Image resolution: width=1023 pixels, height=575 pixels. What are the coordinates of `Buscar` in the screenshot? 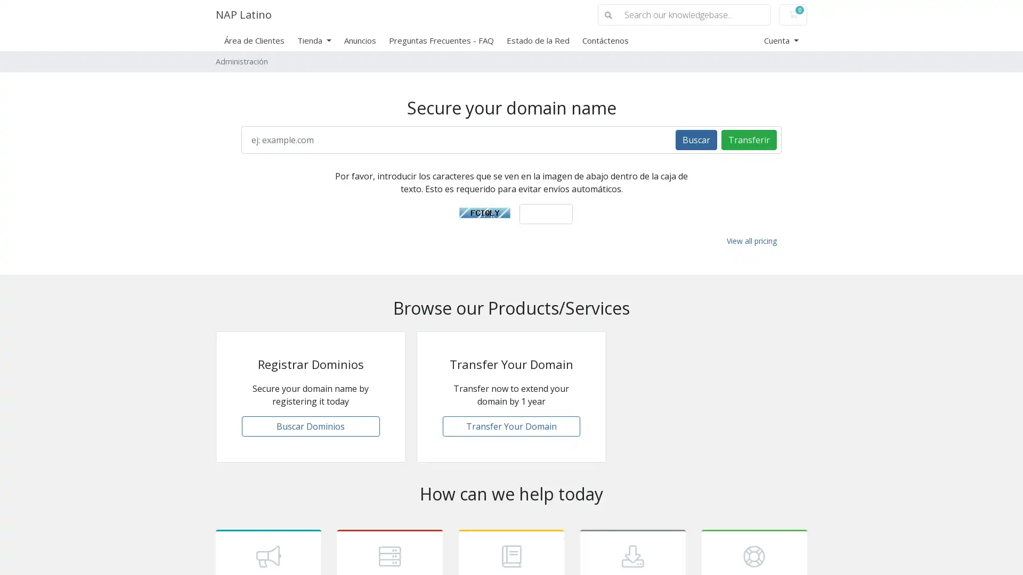 It's located at (696, 139).